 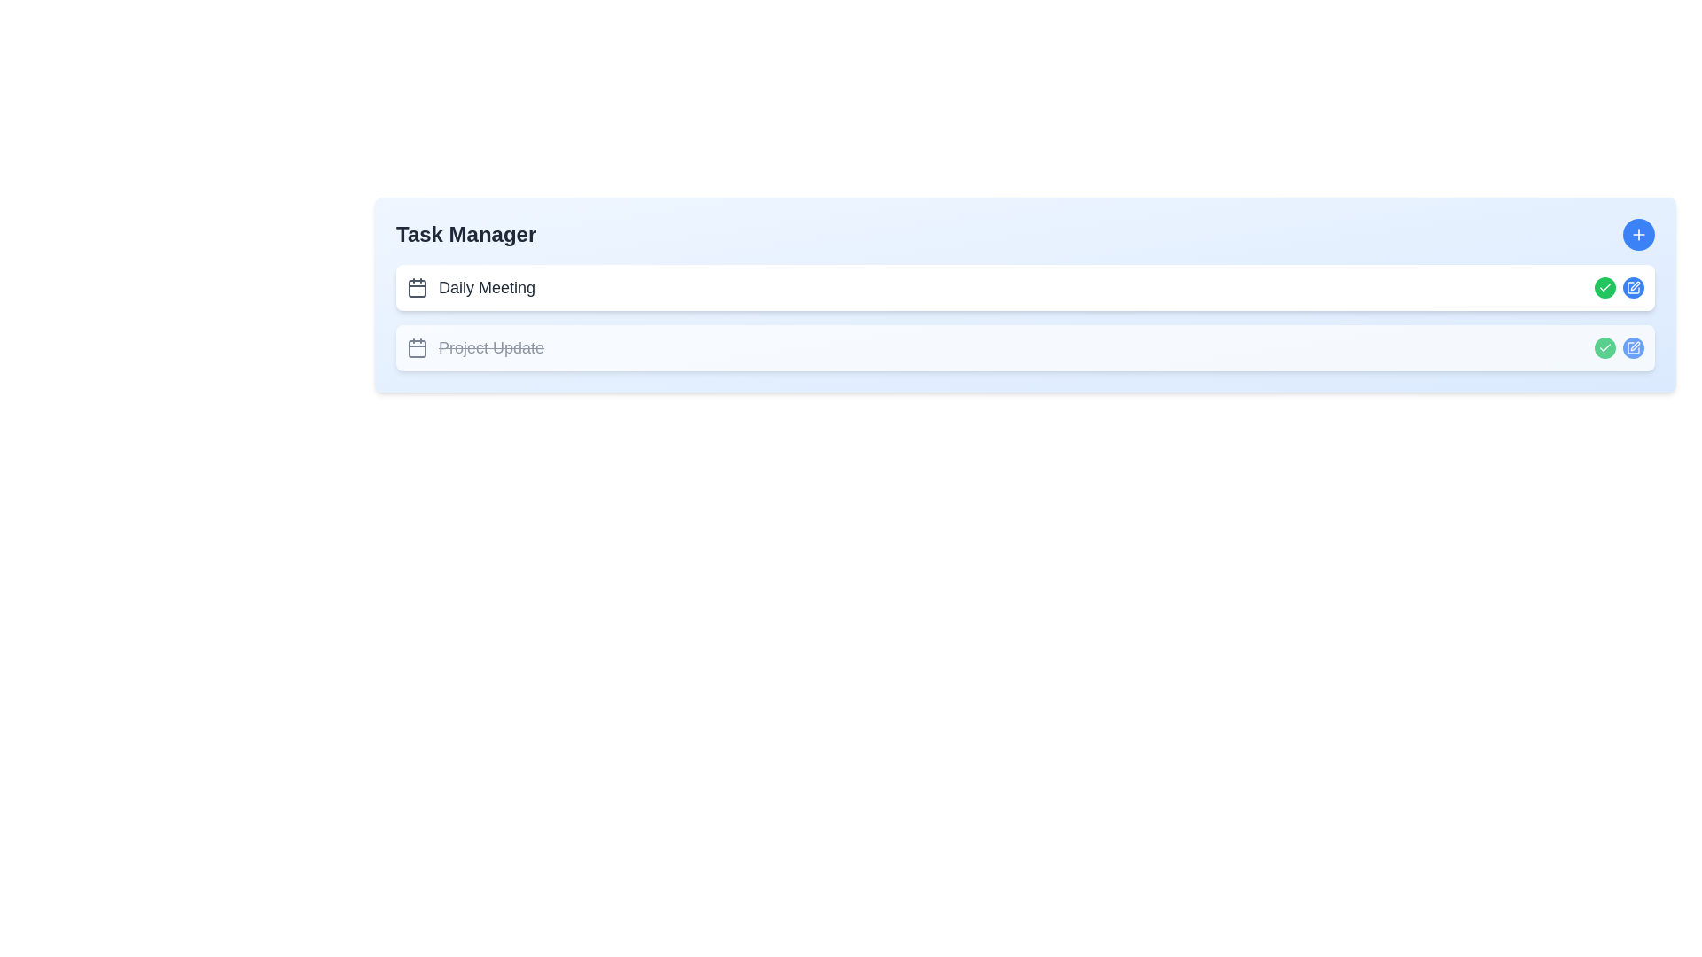 What do you see at coordinates (1620, 286) in the screenshot?
I see `the green button` at bounding box center [1620, 286].